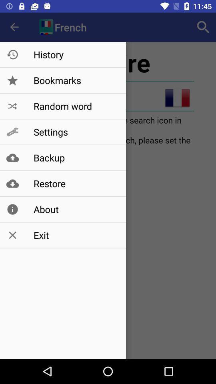  What do you see at coordinates (76, 54) in the screenshot?
I see `history item` at bounding box center [76, 54].